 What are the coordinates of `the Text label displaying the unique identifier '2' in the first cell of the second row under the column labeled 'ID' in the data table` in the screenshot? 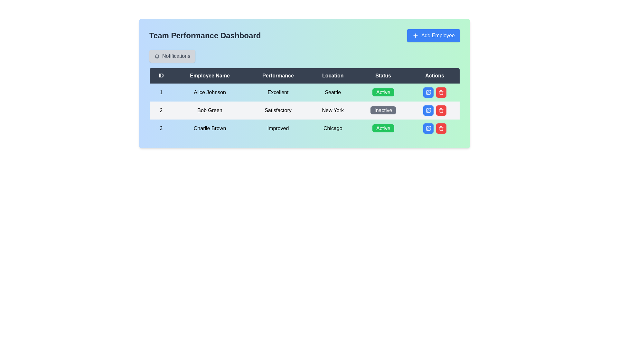 It's located at (161, 110).